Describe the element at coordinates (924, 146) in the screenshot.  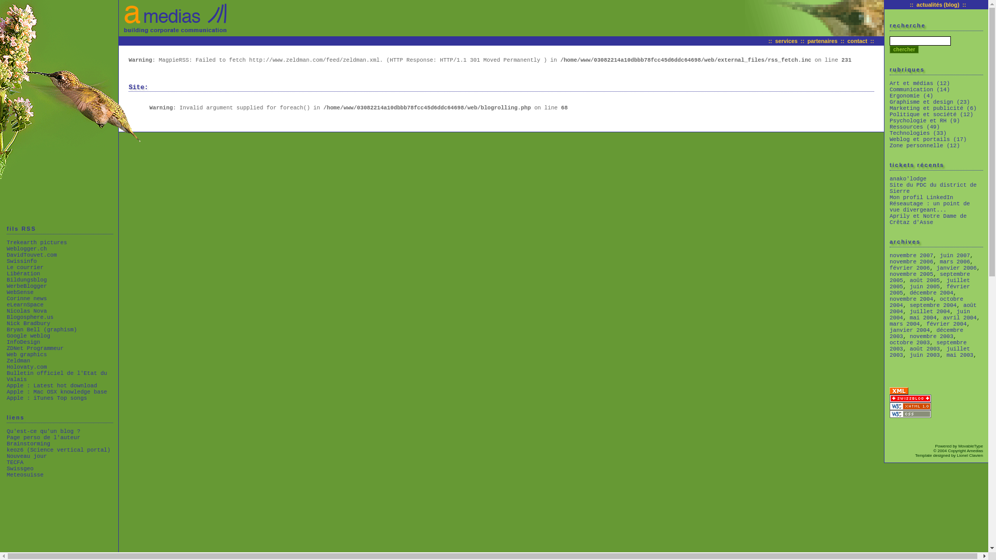
I see `'Zone personnelle (12)'` at that location.